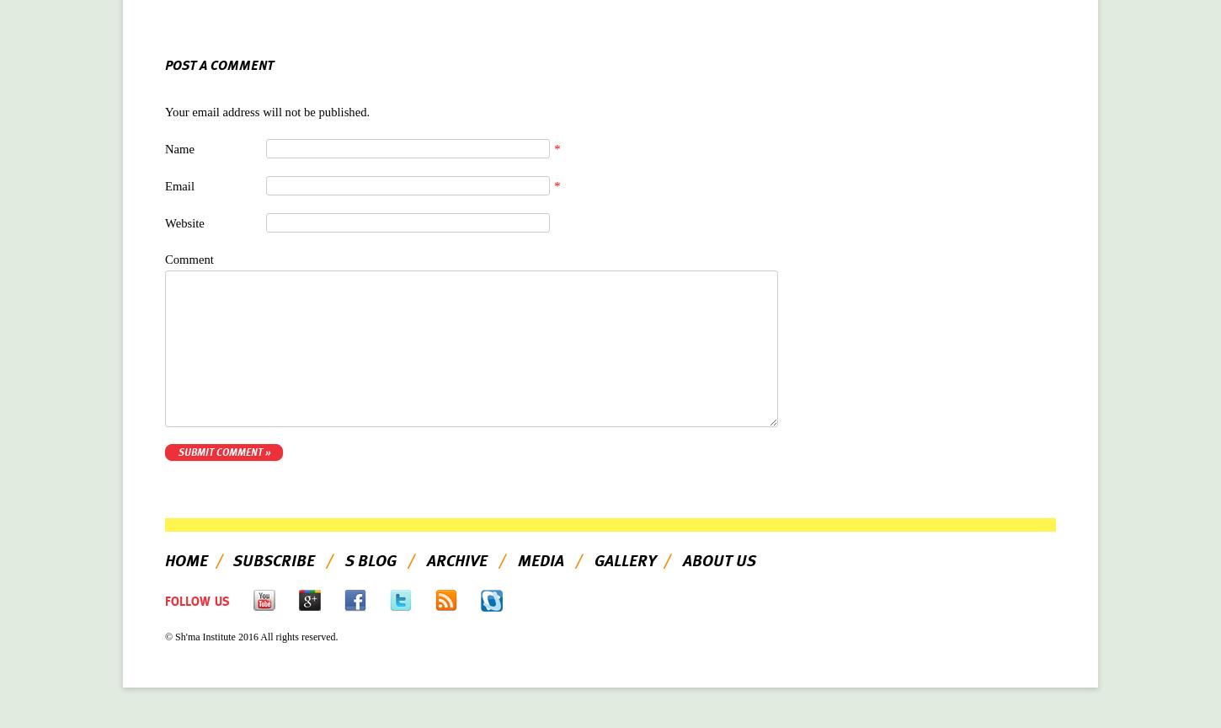  I want to click on '© Sh'ma Institute 2016 All rights reserved.', so click(251, 637).